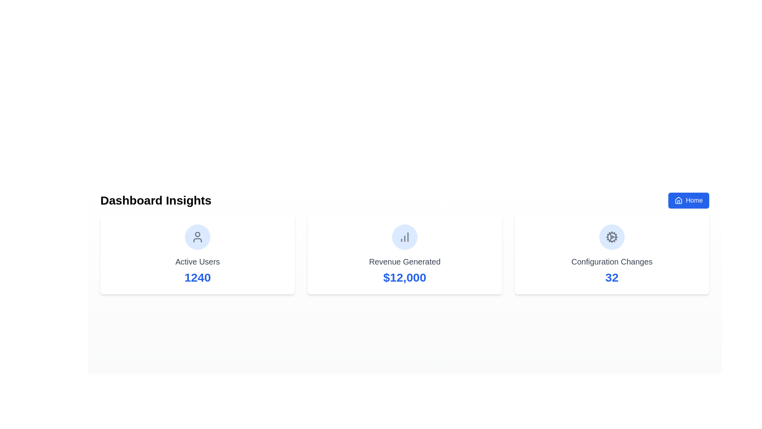 The image size is (762, 429). I want to click on the cogwheel icon located within the 'Configuration Changes' card to retrieve tooltip or additional information, so click(611, 237).